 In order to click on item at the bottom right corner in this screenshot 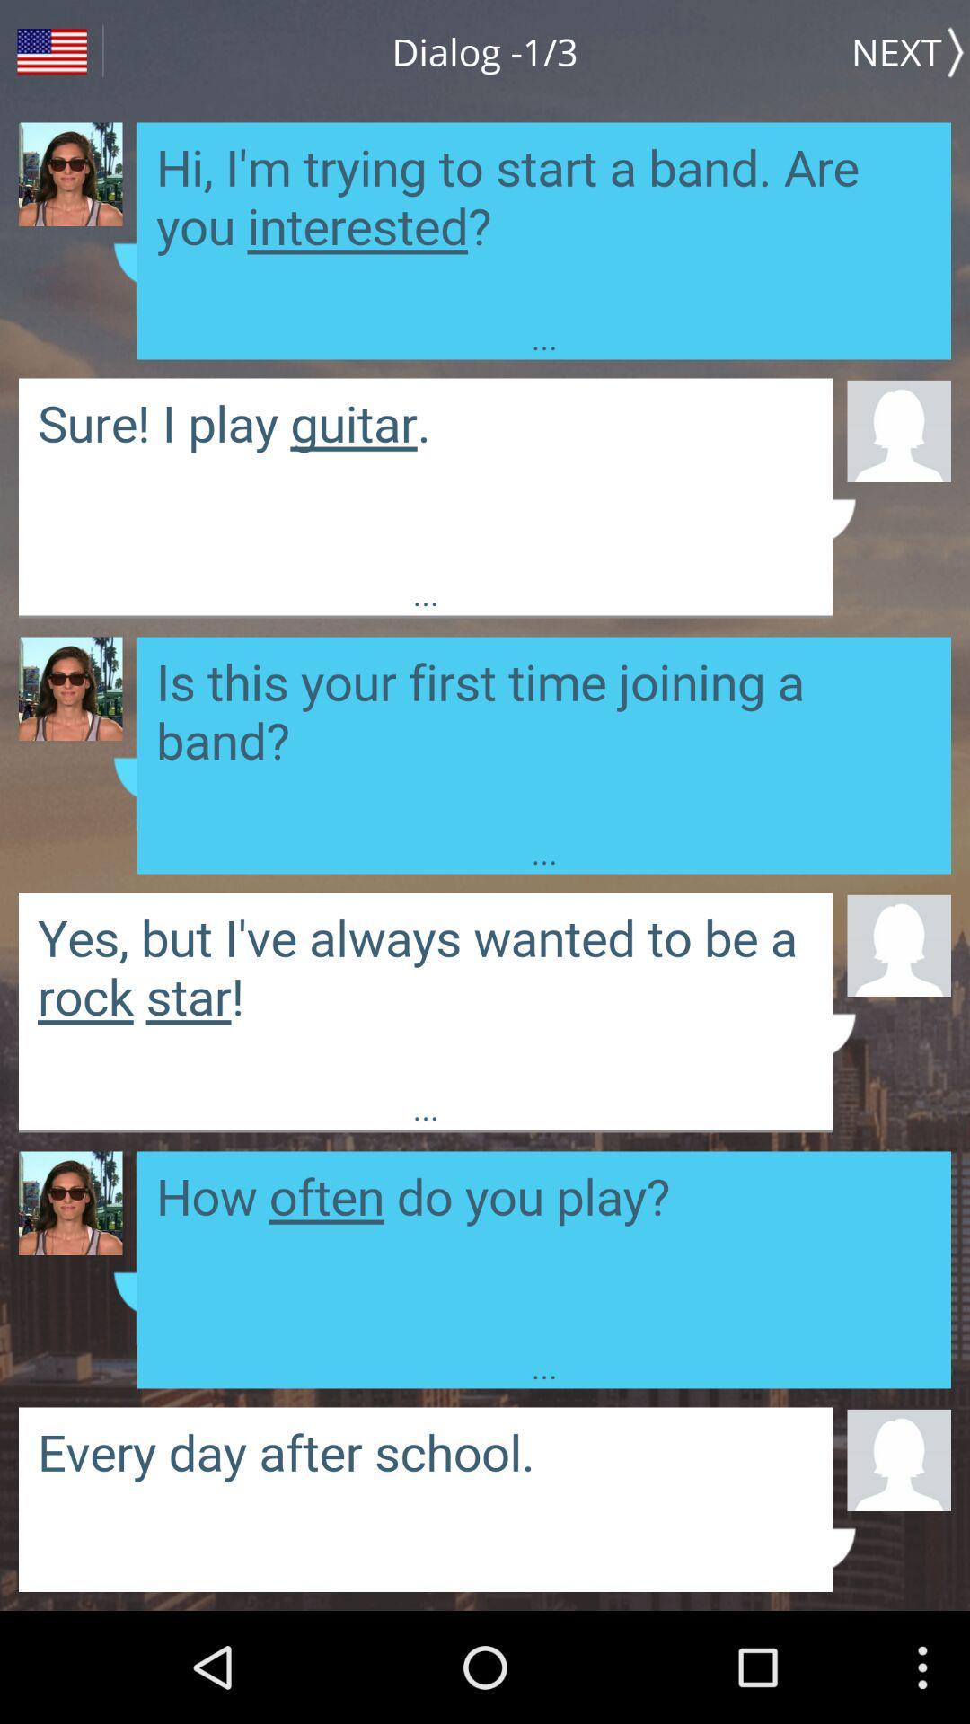, I will do `click(899, 1459)`.